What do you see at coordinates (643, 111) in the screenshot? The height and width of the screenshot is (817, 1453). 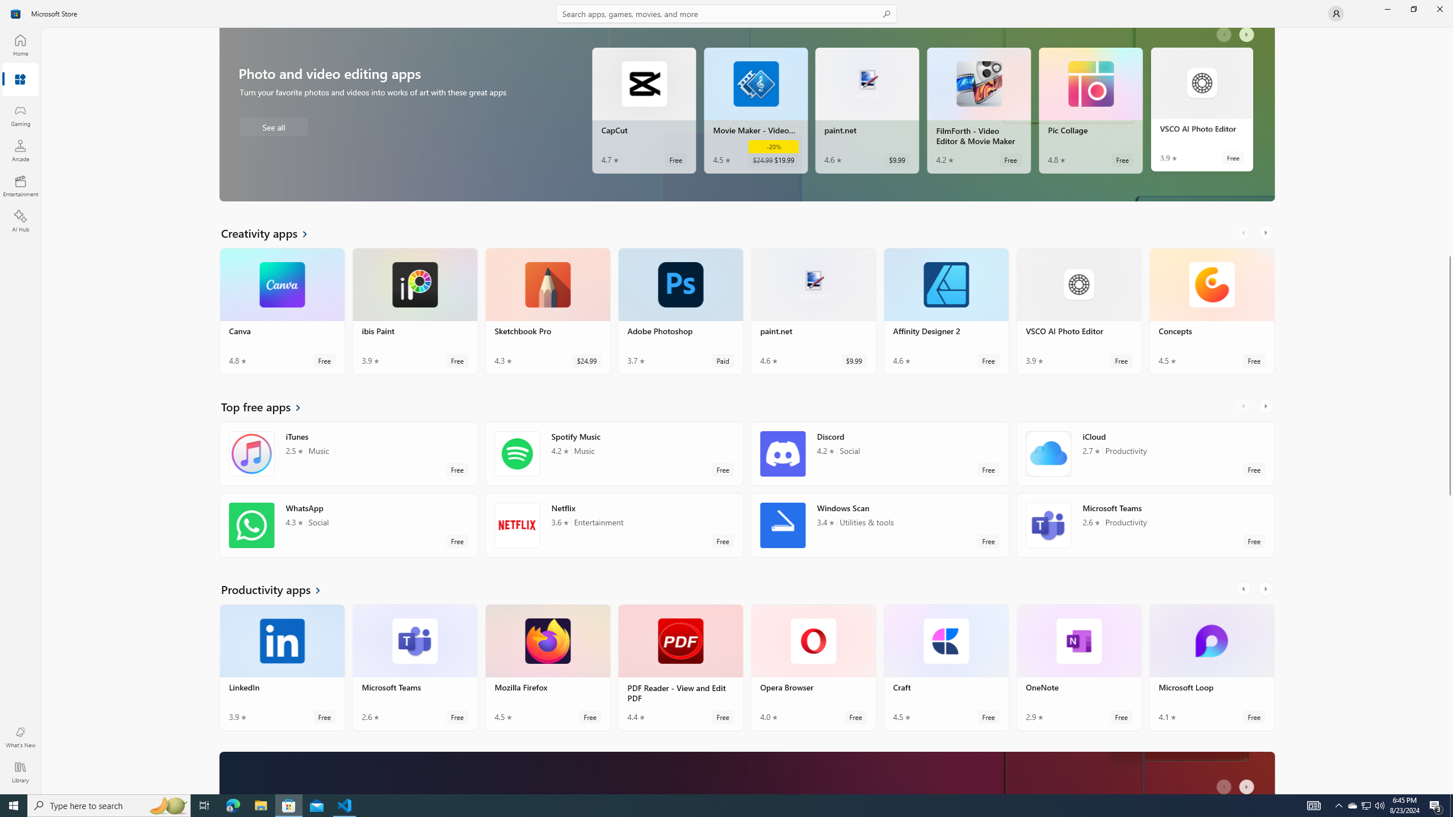 I see `'CapCut. Average rating of 4.7 out of five stars. Free  '` at bounding box center [643, 111].